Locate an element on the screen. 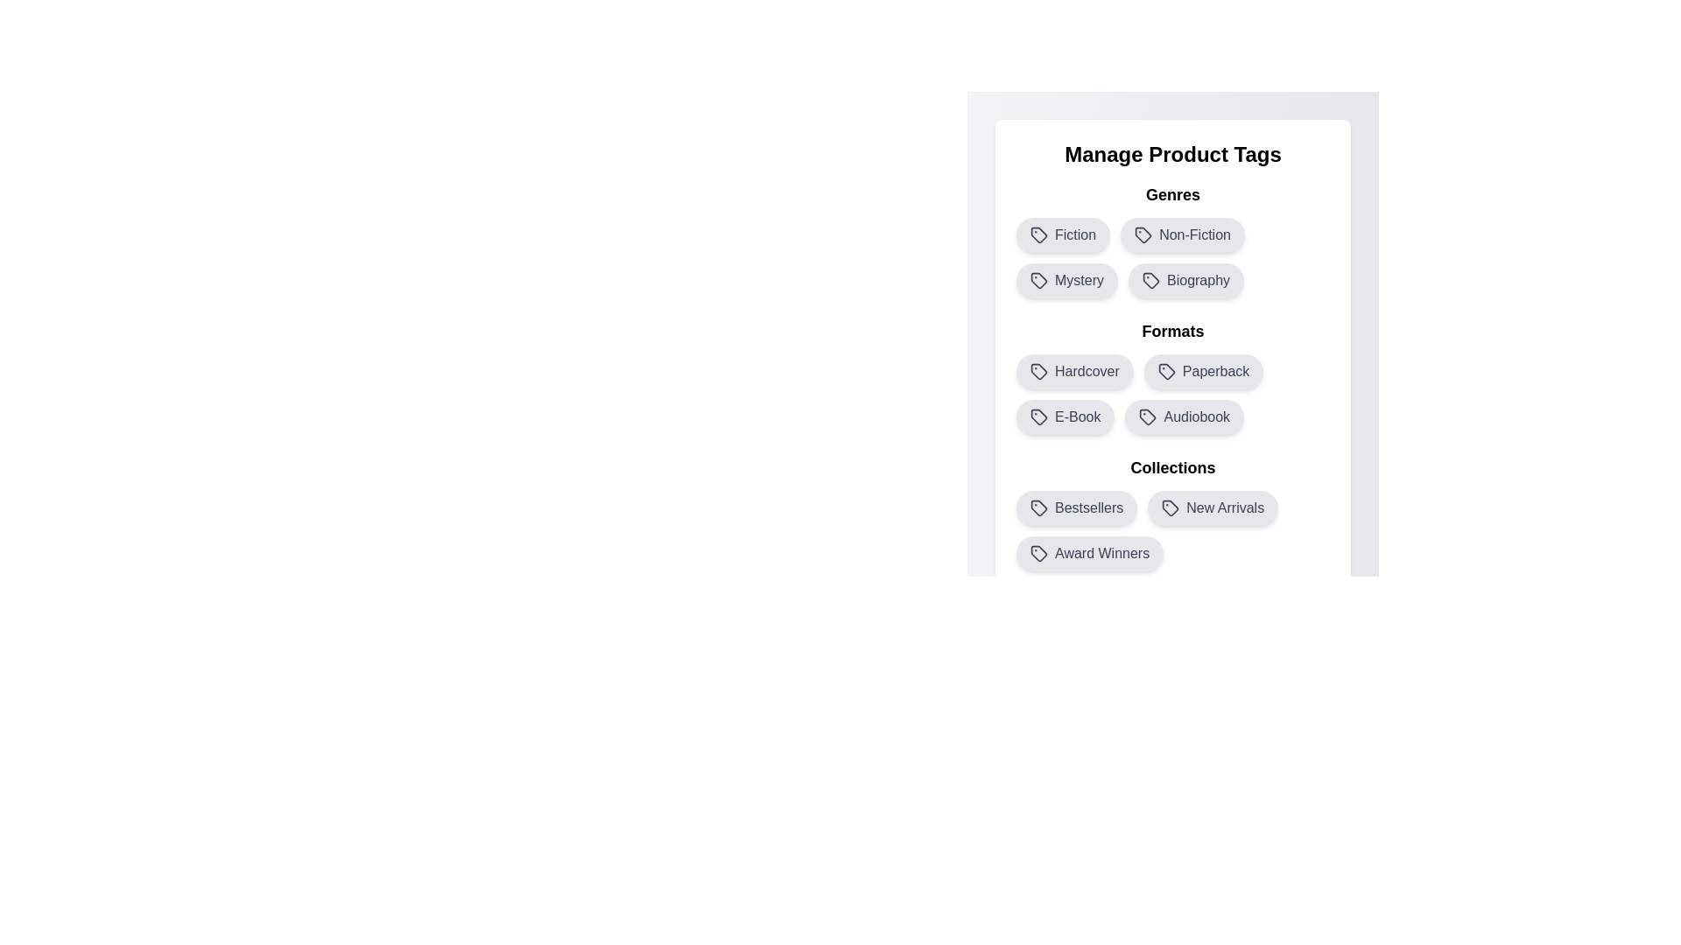 The width and height of the screenshot is (1681, 945). the SVG icon resembling a tag, which has a gray border and transparent fill, located within a rounded button next to the text 'Non-Fiction' under the 'Genres' section is located at coordinates (1143, 234).